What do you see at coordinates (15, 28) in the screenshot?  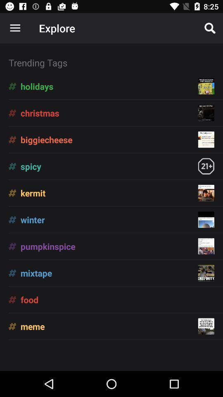 I see `the item next to the explore icon` at bounding box center [15, 28].